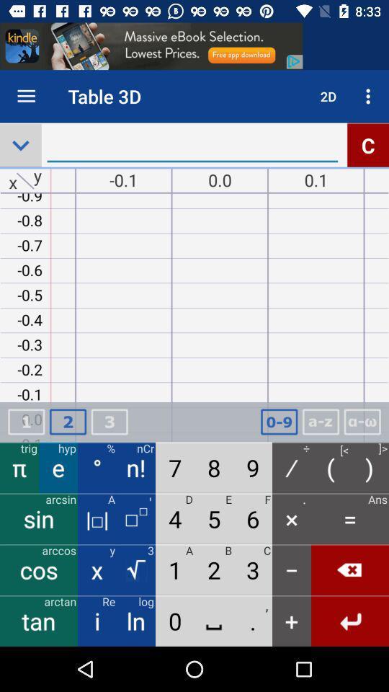 Image resolution: width=389 pixels, height=692 pixels. What do you see at coordinates (19, 145) in the screenshot?
I see `the expand_more icon` at bounding box center [19, 145].